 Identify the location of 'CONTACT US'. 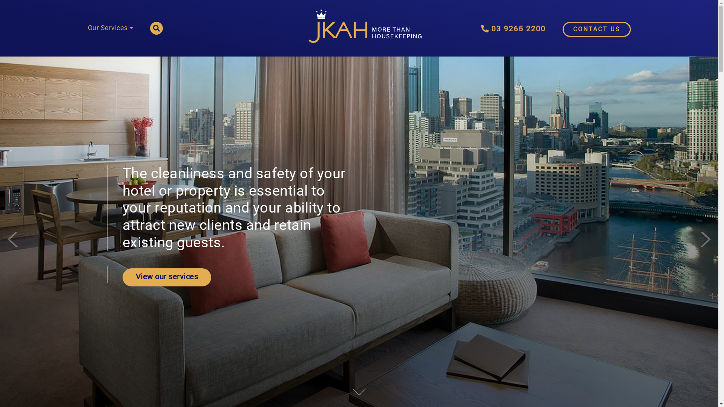
(563, 29).